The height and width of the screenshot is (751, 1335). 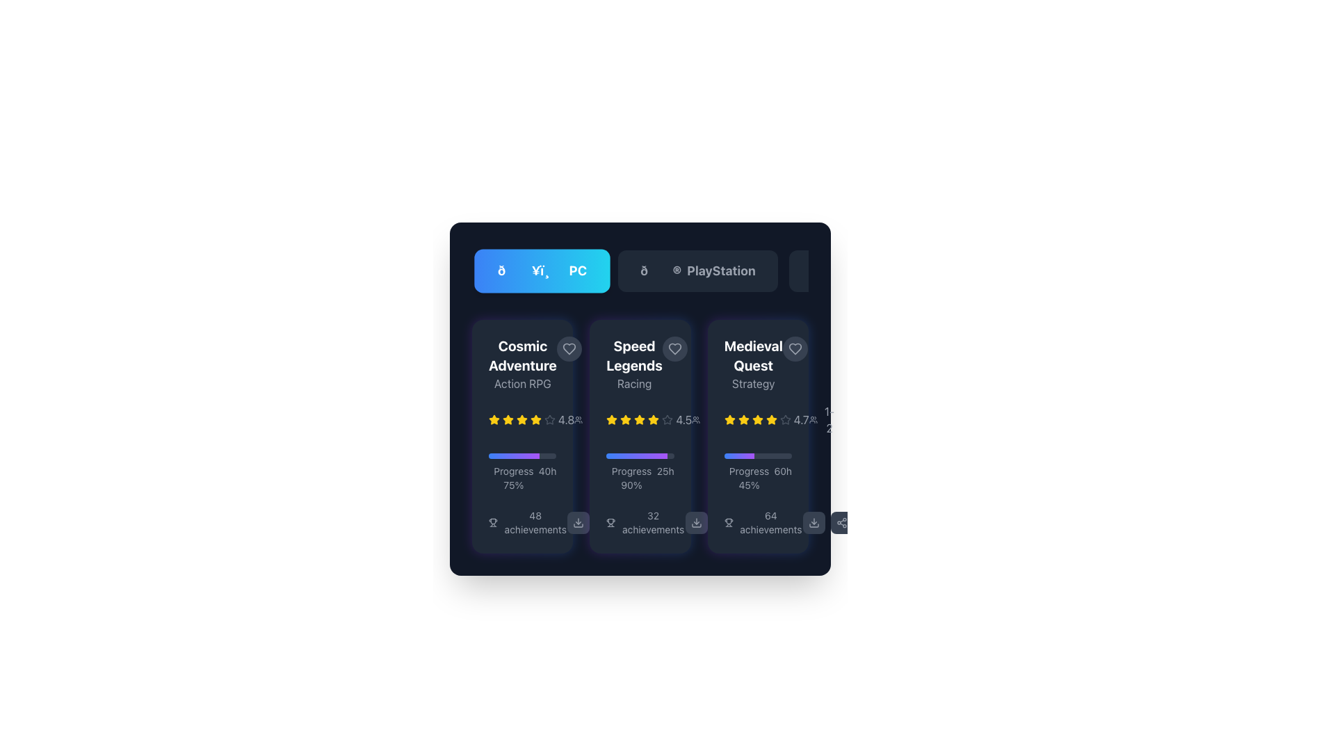 What do you see at coordinates (625, 419) in the screenshot?
I see `the highlighted SVG star element representing a rating in the second card of the user interface` at bounding box center [625, 419].